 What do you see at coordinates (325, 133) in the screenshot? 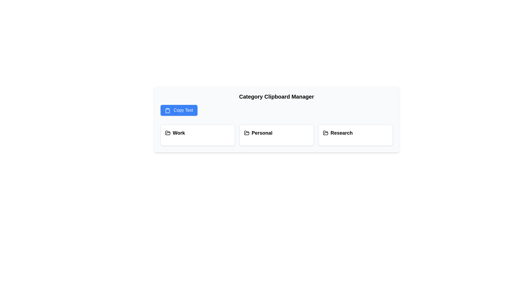
I see `the small open folder icon to the left of the 'Research' text in the horizontally aligned list of categories` at bounding box center [325, 133].